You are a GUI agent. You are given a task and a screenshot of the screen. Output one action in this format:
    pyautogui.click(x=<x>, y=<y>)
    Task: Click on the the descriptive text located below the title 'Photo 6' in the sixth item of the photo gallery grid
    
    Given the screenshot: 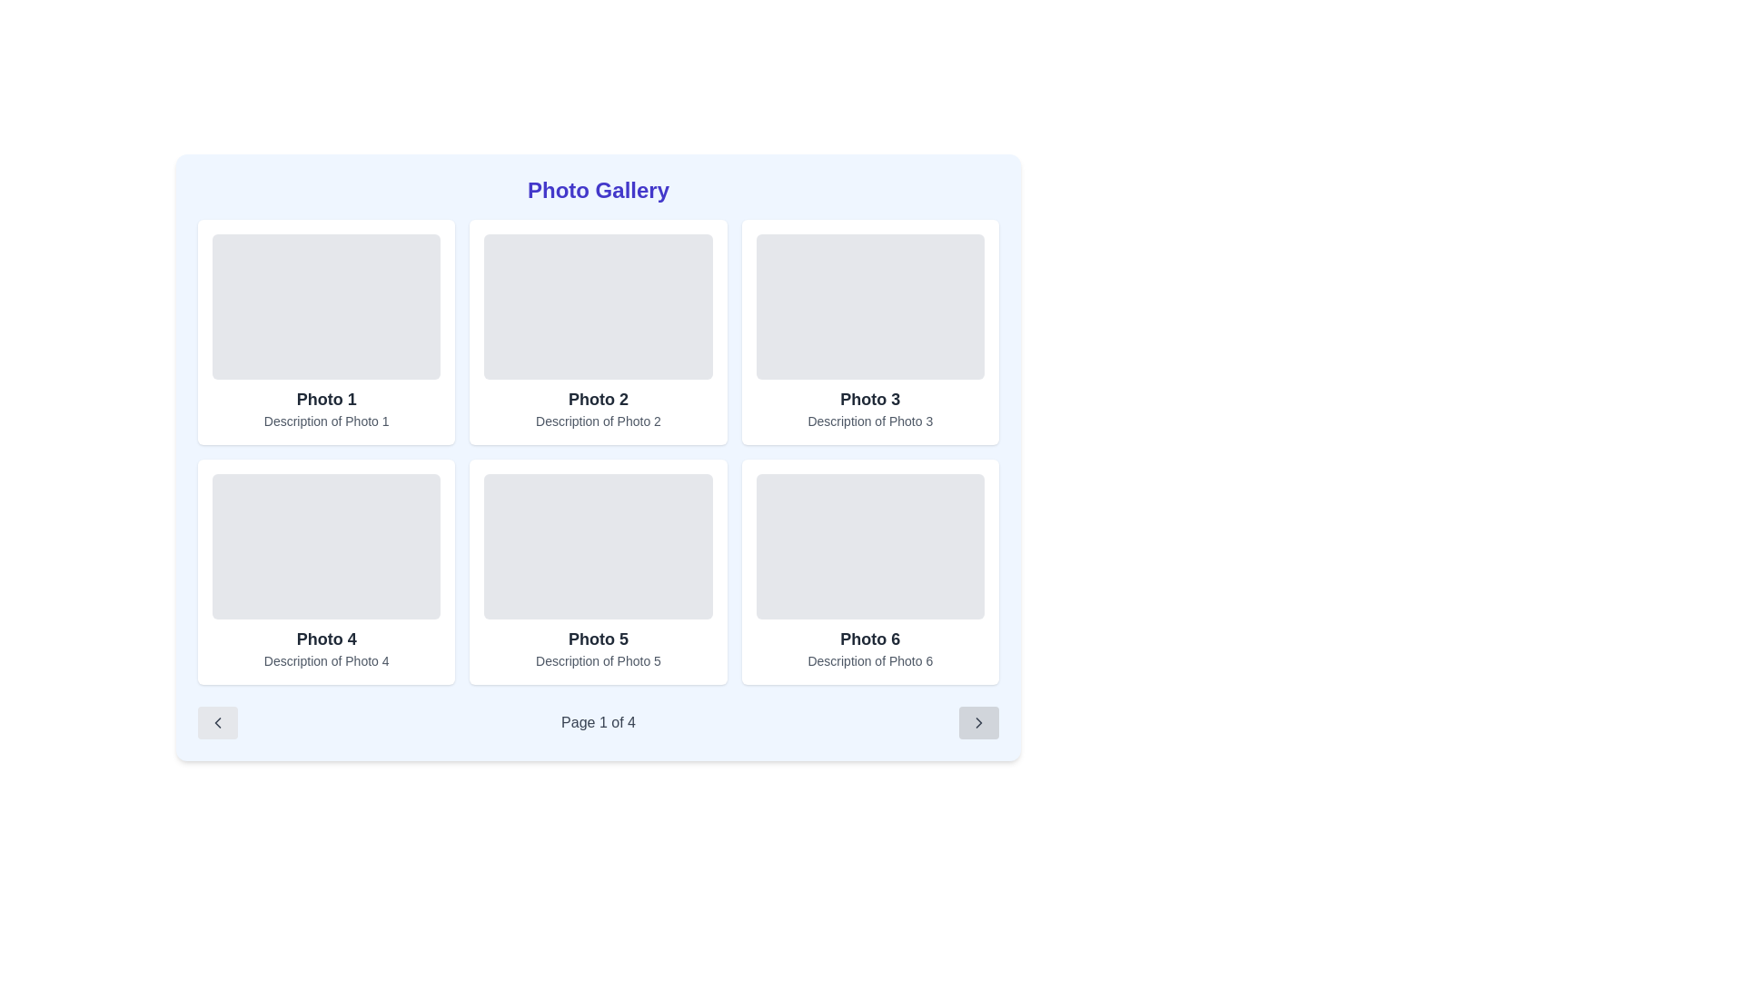 What is the action you would take?
    pyautogui.click(x=869, y=661)
    